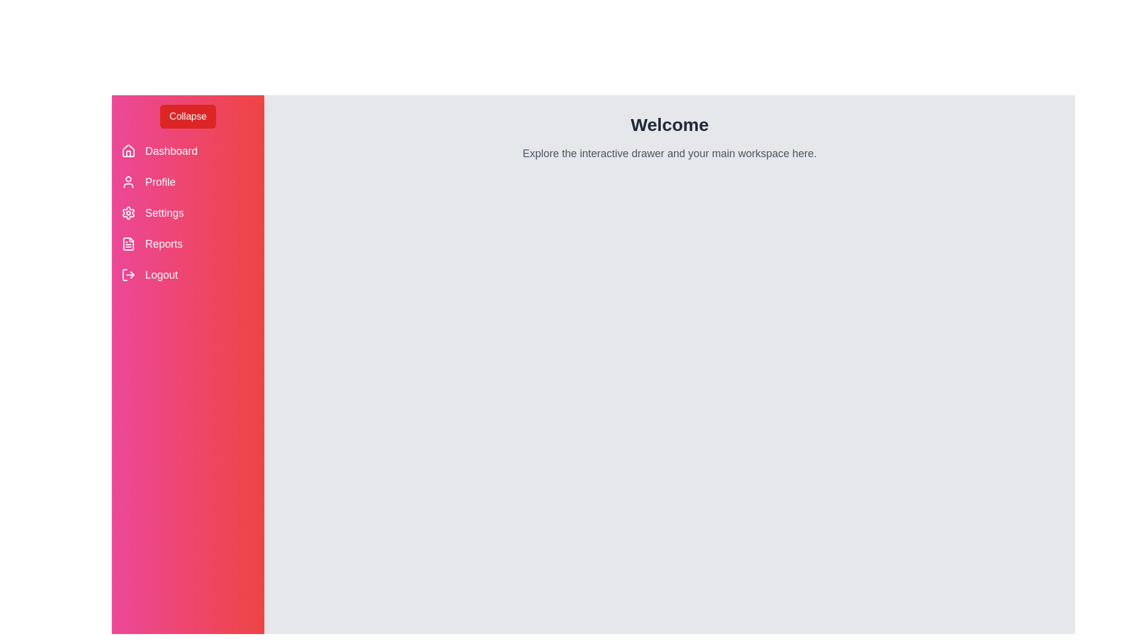  Describe the element at coordinates (163, 213) in the screenshot. I see `the 'Settings' menu item in the navigation drawer` at that location.